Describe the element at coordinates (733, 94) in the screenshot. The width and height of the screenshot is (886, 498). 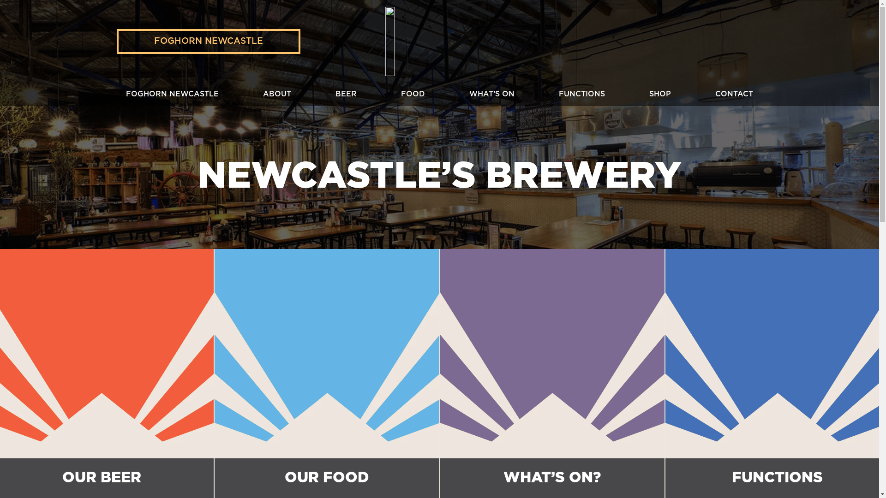
I see `'CONTACT'` at that location.